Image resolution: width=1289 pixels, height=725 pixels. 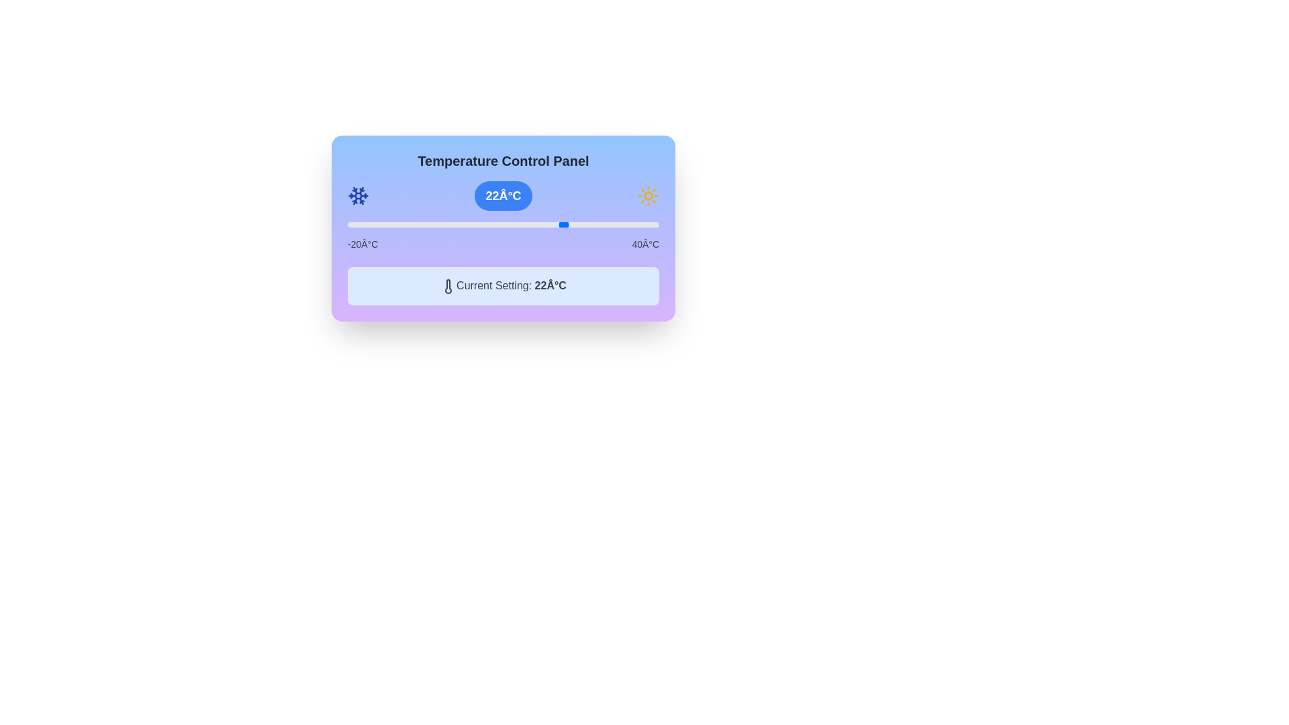 What do you see at coordinates (378, 224) in the screenshot?
I see `the slider to set the temperature to -14°C` at bounding box center [378, 224].